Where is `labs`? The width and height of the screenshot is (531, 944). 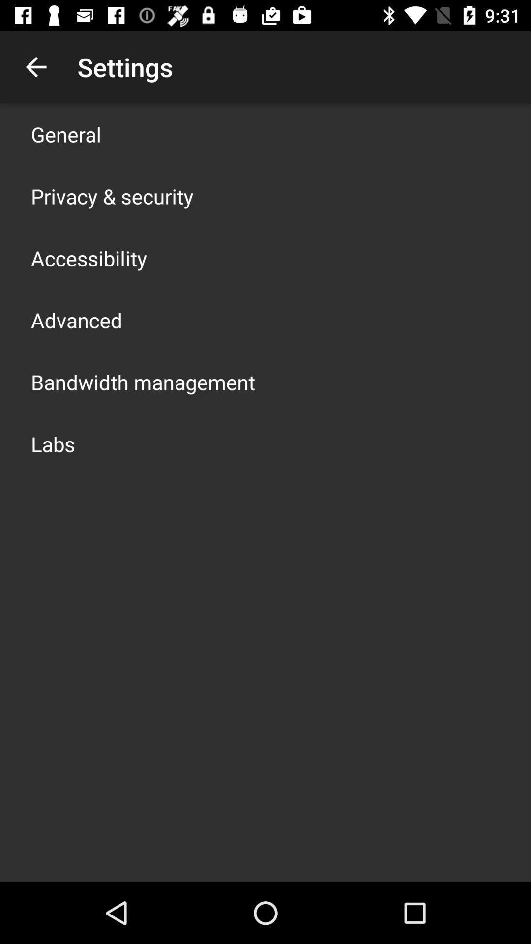 labs is located at coordinates (53, 443).